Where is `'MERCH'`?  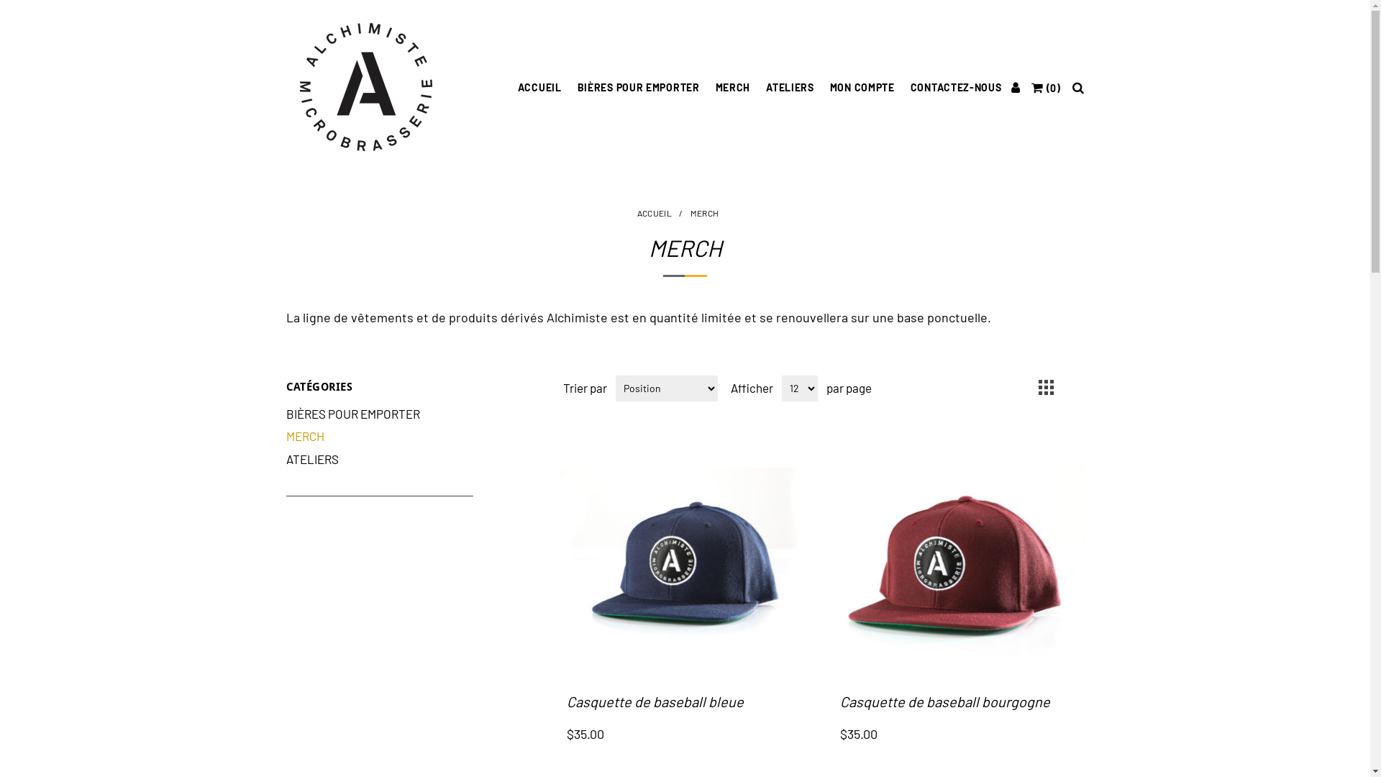 'MERCH' is located at coordinates (733, 88).